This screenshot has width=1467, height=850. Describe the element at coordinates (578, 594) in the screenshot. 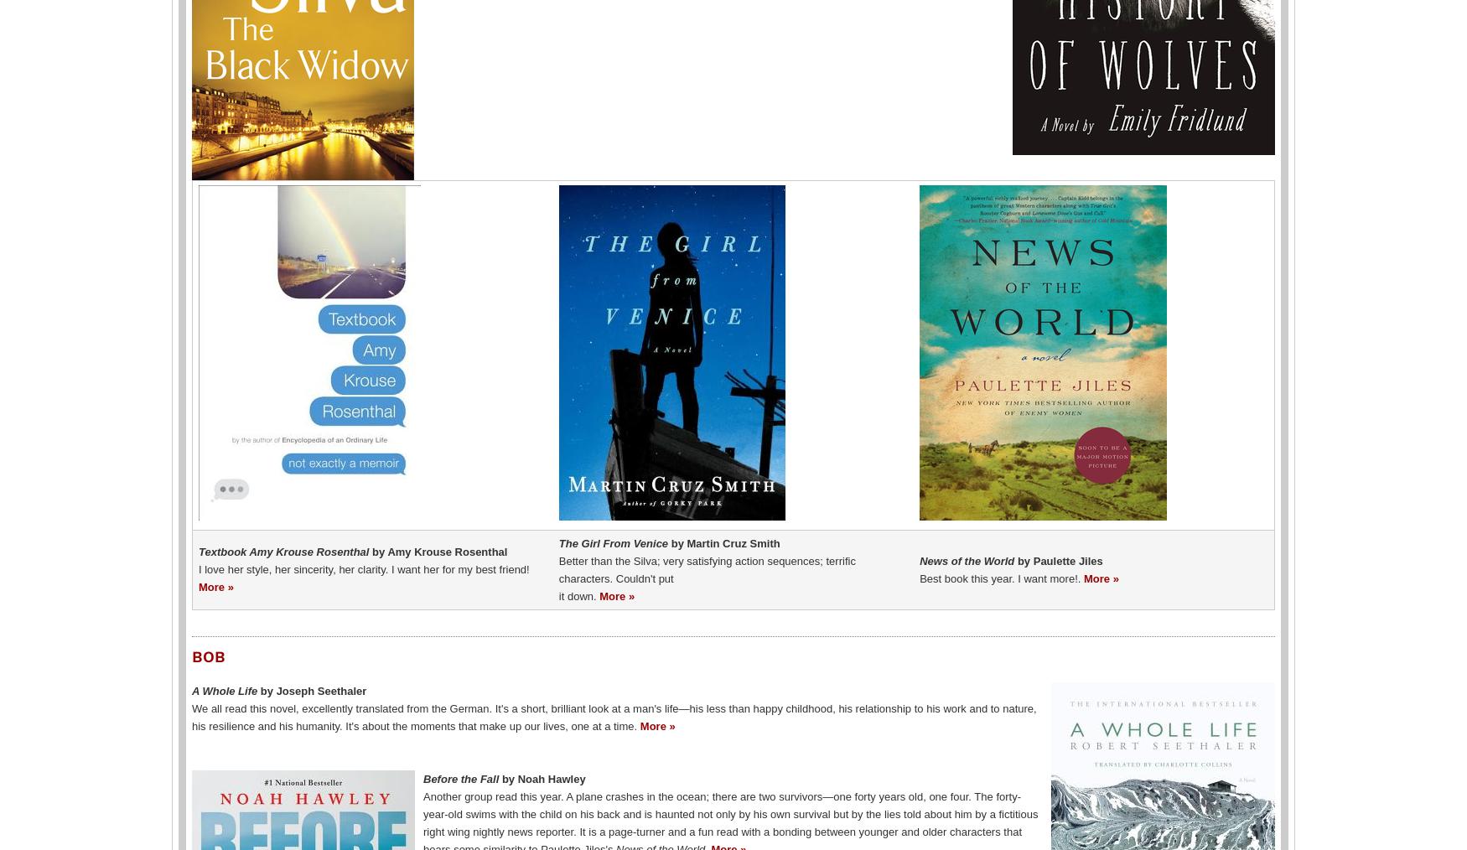

I see `'it down.'` at that location.